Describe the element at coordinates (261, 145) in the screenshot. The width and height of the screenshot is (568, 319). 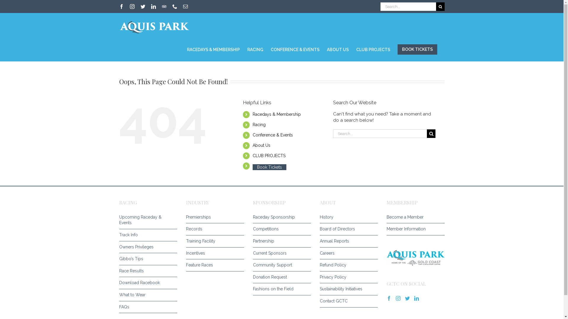
I see `'About Us'` at that location.